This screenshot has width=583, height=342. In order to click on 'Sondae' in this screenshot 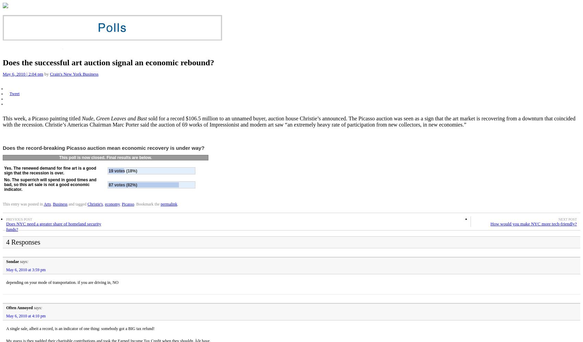, I will do `click(6, 261)`.